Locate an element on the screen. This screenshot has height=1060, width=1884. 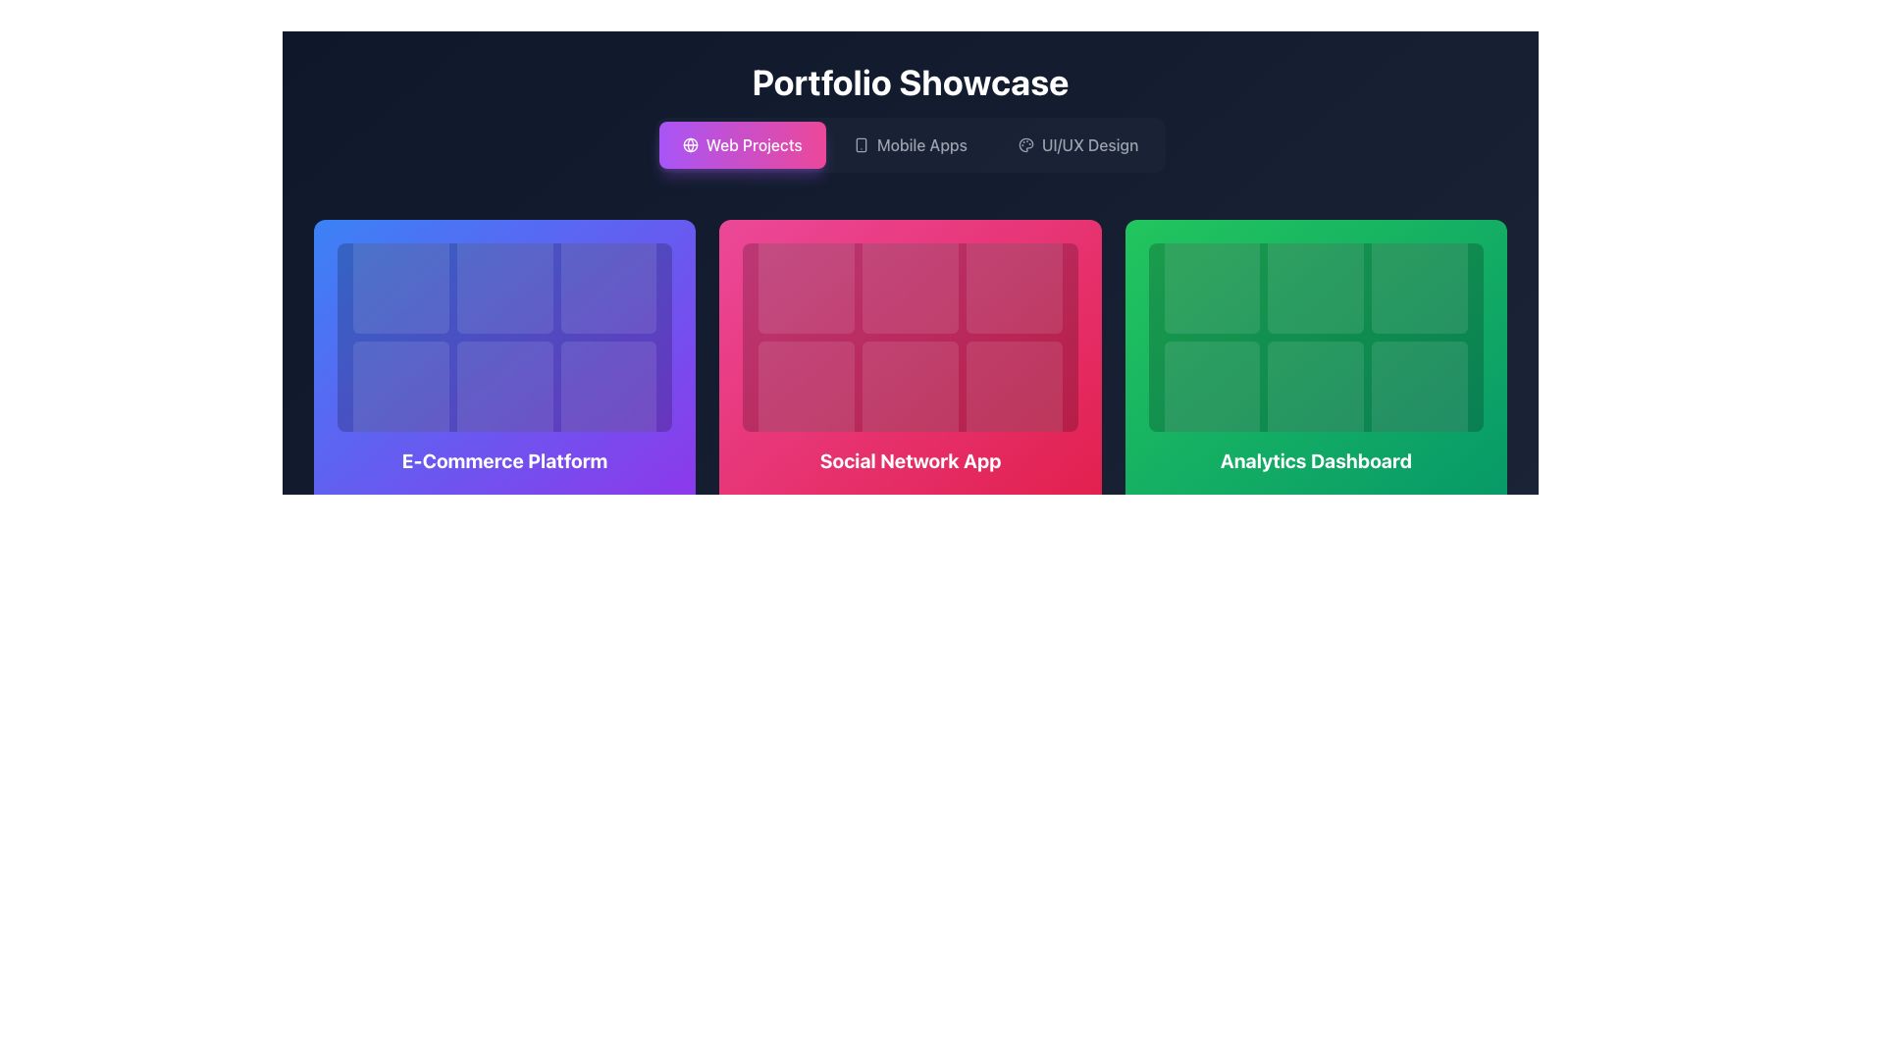
the top-left grid cell of the 'Social Network App' section, which is a square-shaped module with rounded corners and a translucent white overlay on a red background is located at coordinates (807, 286).